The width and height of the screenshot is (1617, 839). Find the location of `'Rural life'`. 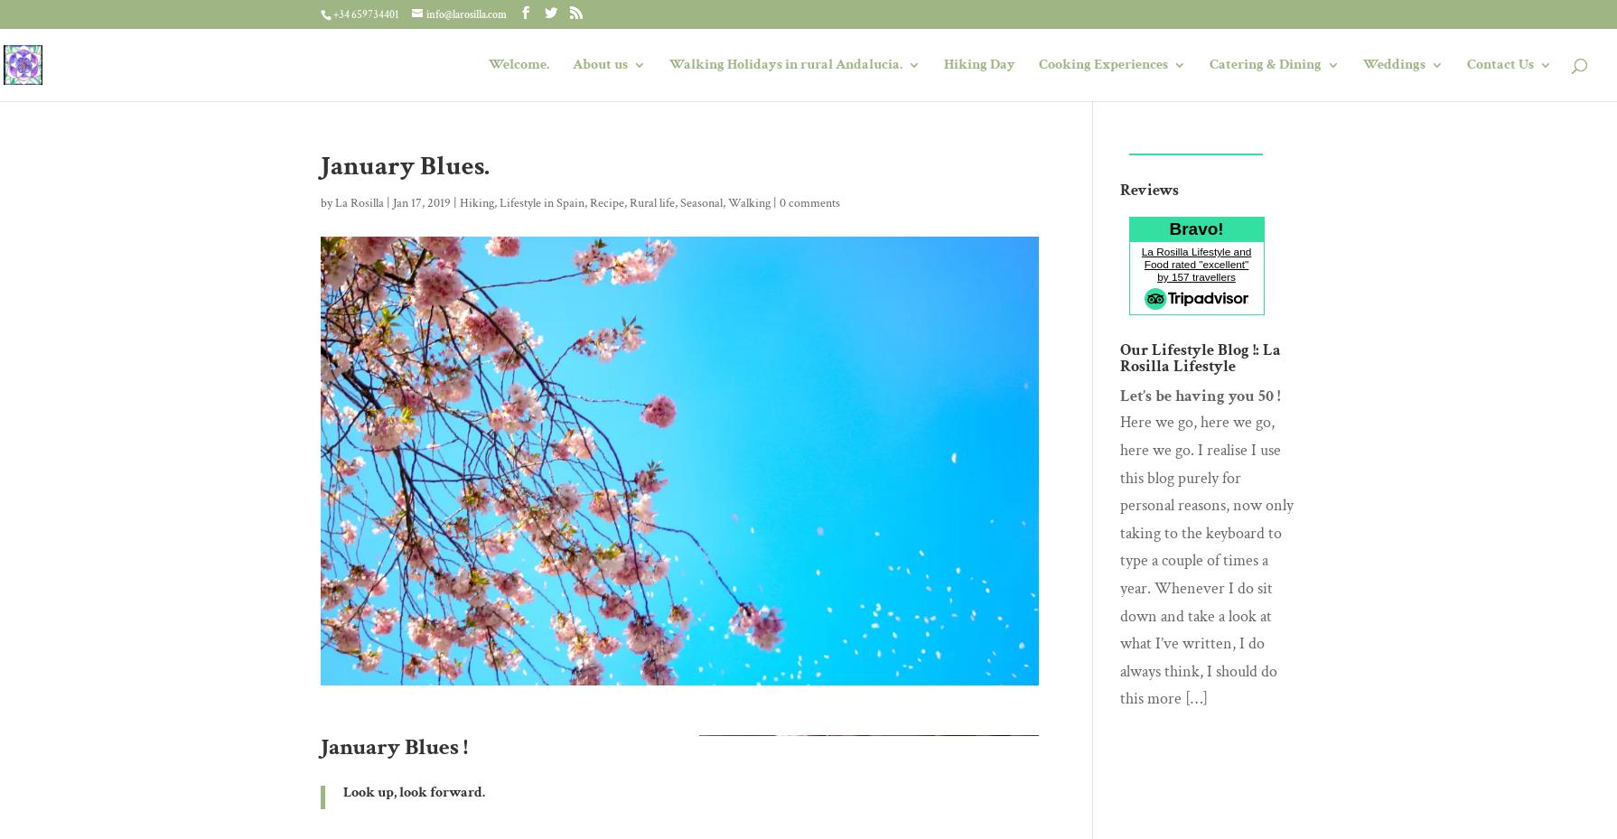

'Rural life' is located at coordinates (651, 202).